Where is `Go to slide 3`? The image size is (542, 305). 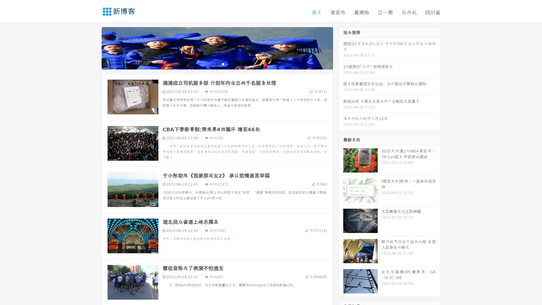 Go to slide 3 is located at coordinates (223, 64).